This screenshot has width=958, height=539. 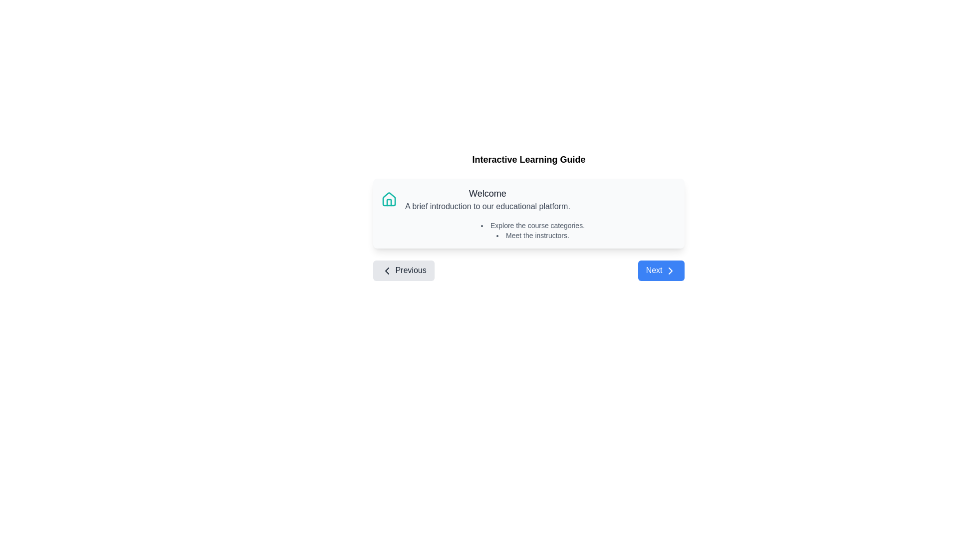 What do you see at coordinates (388, 200) in the screenshot?
I see `the 'home' or 'introduction' icon located in the top-left corner of the 'Welcome' section, adjacent to the text content` at bounding box center [388, 200].